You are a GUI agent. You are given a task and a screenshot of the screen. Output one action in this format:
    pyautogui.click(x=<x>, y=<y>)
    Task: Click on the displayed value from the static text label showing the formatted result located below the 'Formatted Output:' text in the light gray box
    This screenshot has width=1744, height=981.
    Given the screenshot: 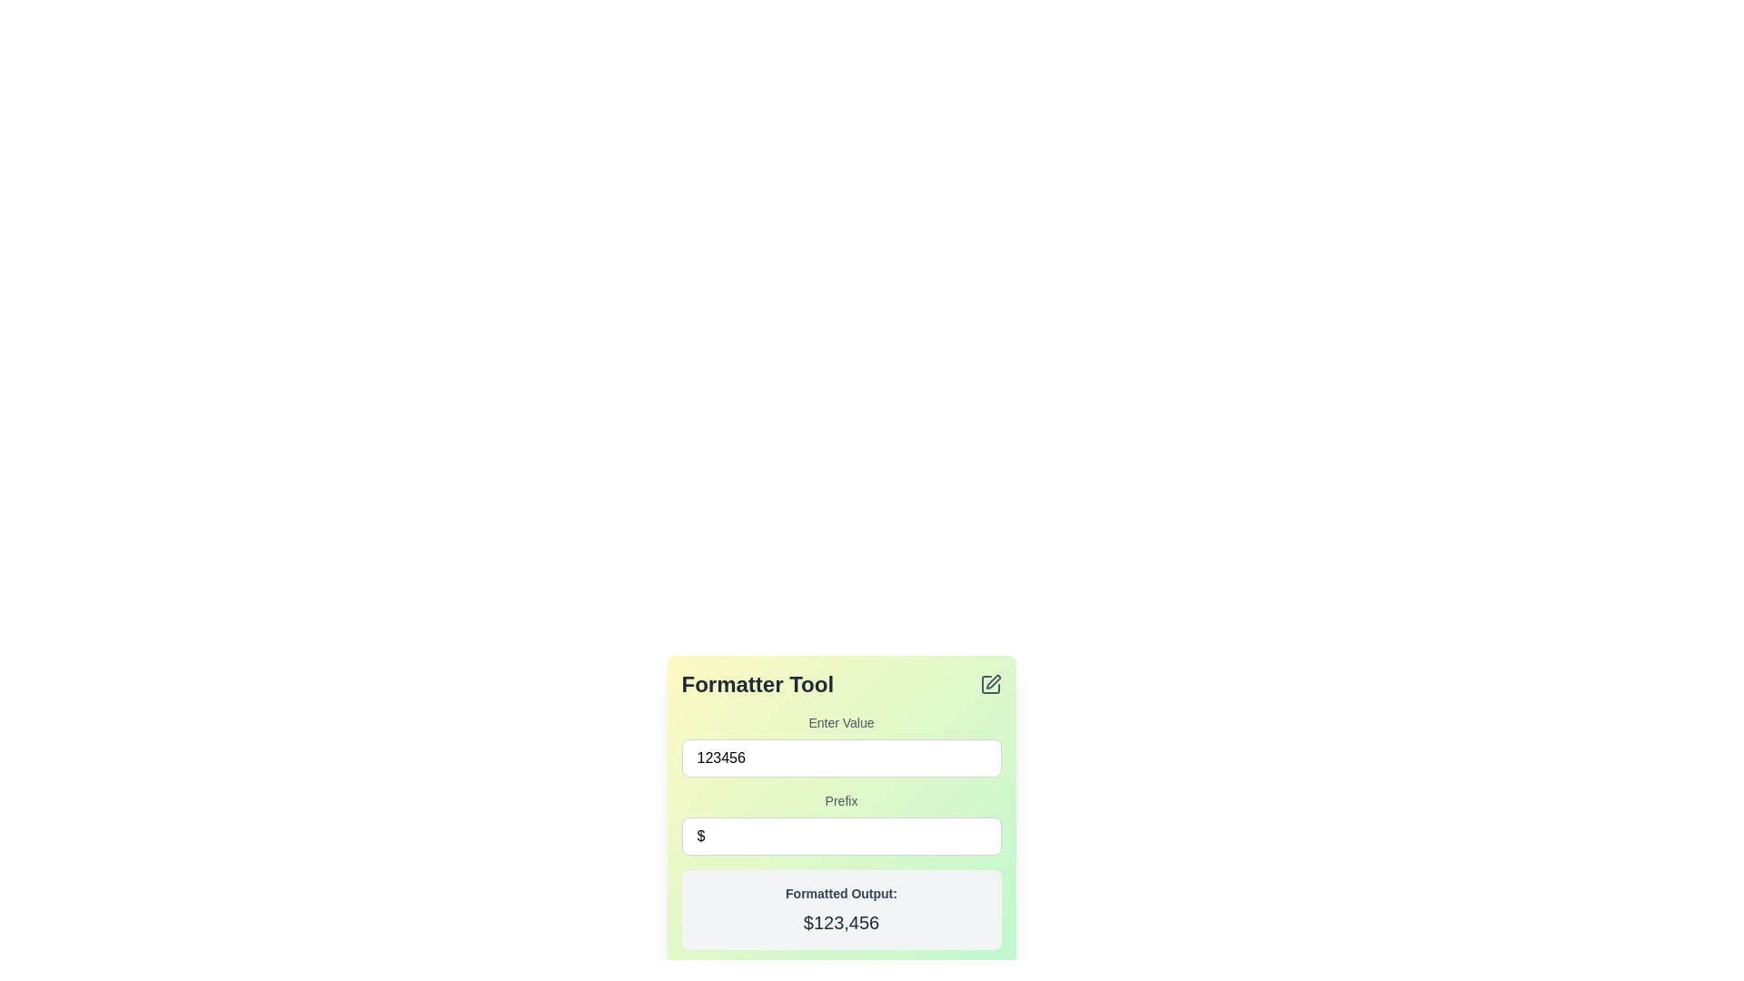 What is the action you would take?
    pyautogui.click(x=840, y=922)
    